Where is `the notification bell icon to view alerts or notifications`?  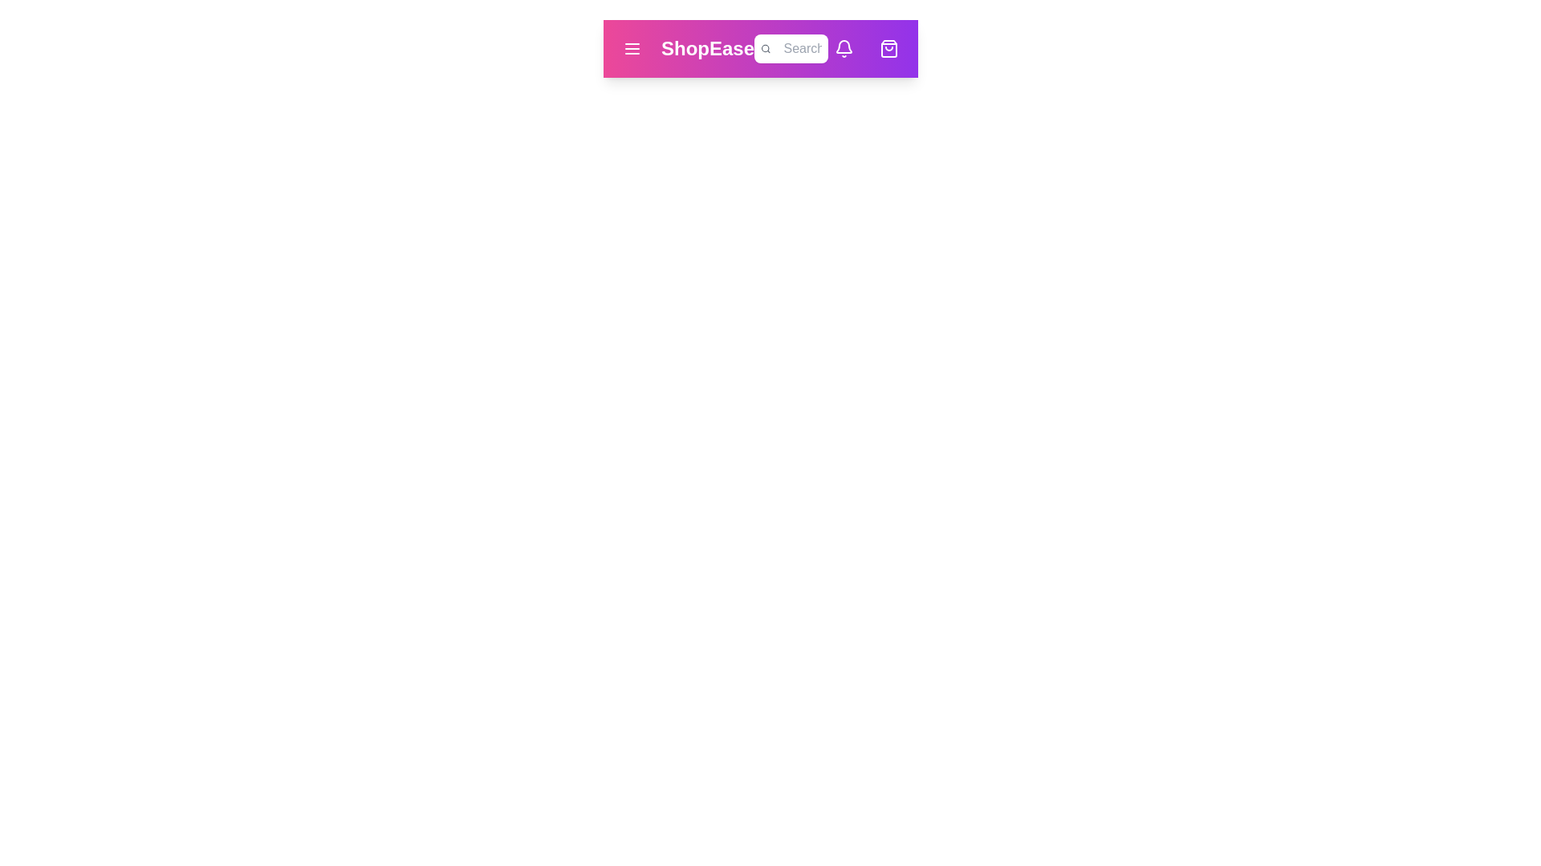 the notification bell icon to view alerts or notifications is located at coordinates (843, 48).